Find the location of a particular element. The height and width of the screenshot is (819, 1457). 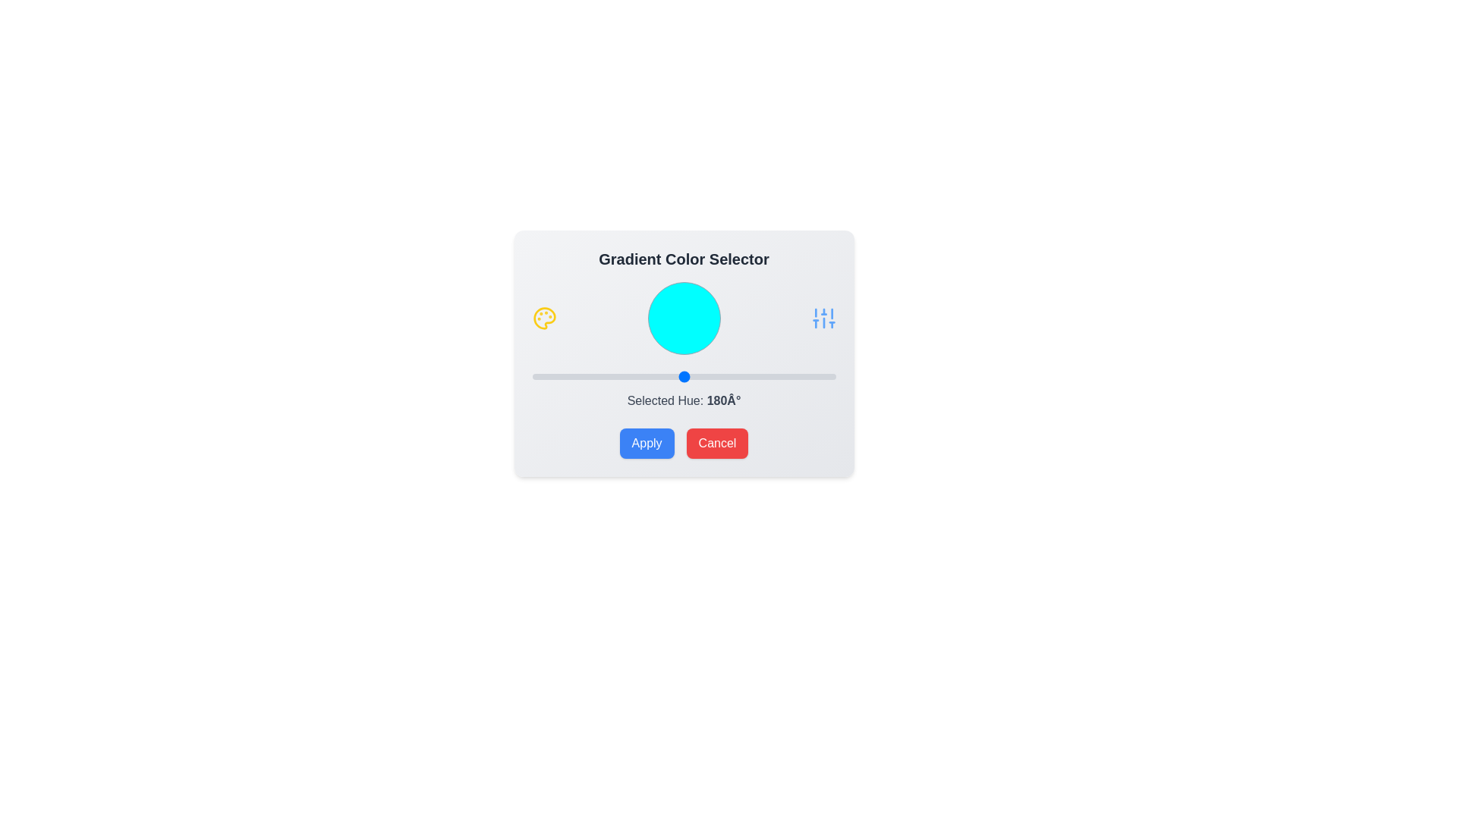

the slider to set the hue value to 196° is located at coordinates (697, 376).